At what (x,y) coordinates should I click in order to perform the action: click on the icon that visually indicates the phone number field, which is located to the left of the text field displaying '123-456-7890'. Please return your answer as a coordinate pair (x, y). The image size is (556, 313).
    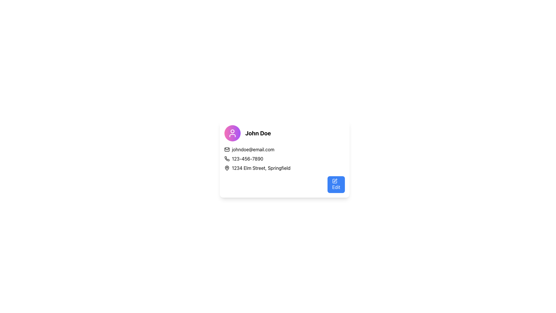
    Looking at the image, I should click on (227, 159).